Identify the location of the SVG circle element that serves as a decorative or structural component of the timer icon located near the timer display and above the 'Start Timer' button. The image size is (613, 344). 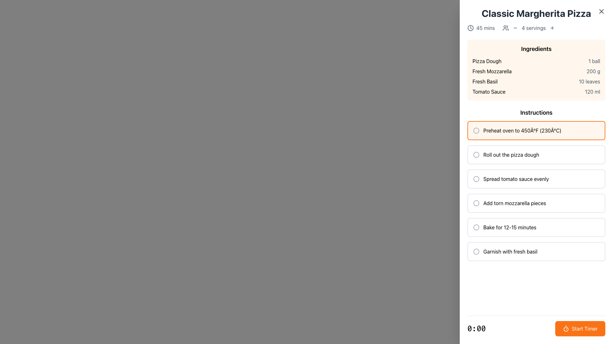
(566, 329).